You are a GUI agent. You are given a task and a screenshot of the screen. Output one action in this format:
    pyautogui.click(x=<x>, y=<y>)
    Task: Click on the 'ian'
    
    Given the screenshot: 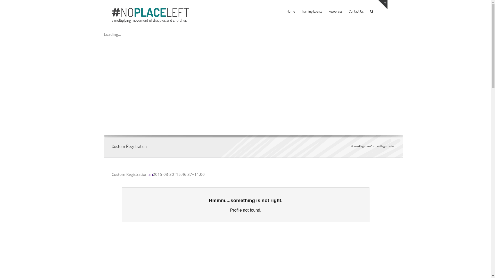 What is the action you would take?
    pyautogui.click(x=150, y=174)
    